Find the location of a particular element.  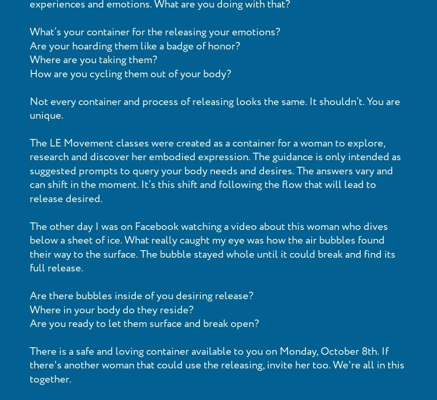

'The other day I was on Facebook watching a video about this woman who dives below a sheet of ice. What really caught my eye was how the air bubbles found their way to the surface. The bubble stayed whole until it could break and find its full release.' is located at coordinates (213, 247).